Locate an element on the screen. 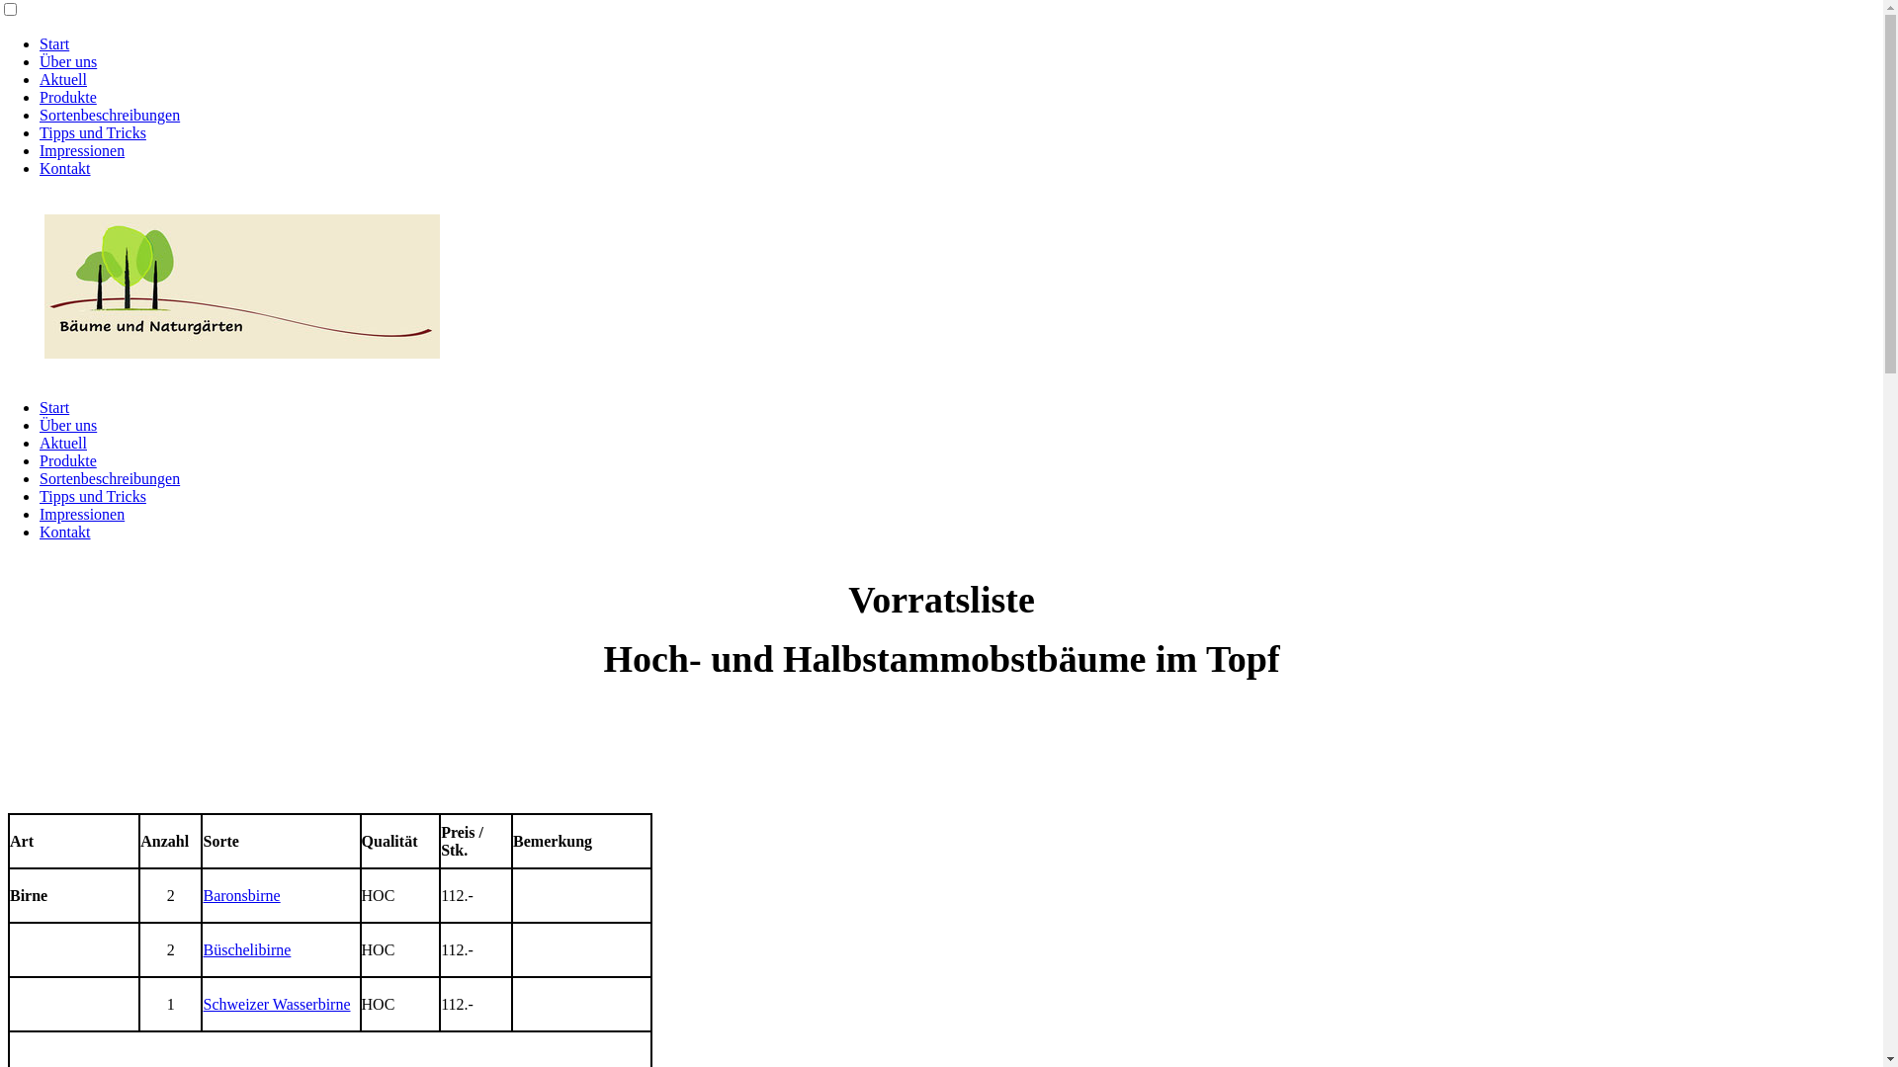  'Impressionen' is located at coordinates (80, 513).